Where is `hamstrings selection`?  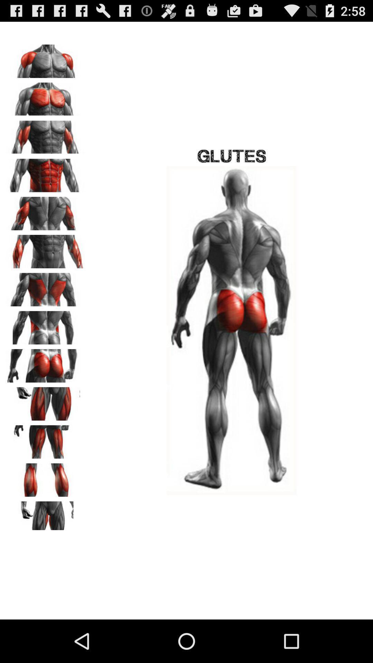
hamstrings selection is located at coordinates (45, 439).